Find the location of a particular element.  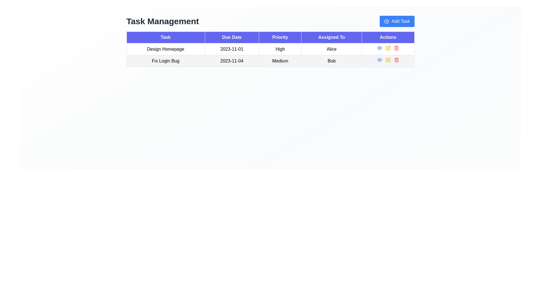

the button for adding a new task located at the top-right corner of the interface near the 'Task Management' heading is located at coordinates (397, 21).